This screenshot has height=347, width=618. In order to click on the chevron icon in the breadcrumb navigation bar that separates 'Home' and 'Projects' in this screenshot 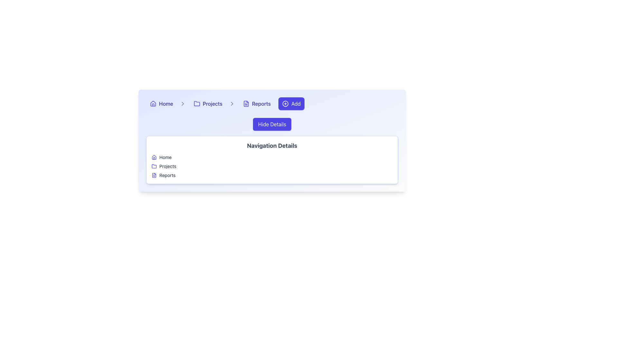, I will do `click(182, 103)`.